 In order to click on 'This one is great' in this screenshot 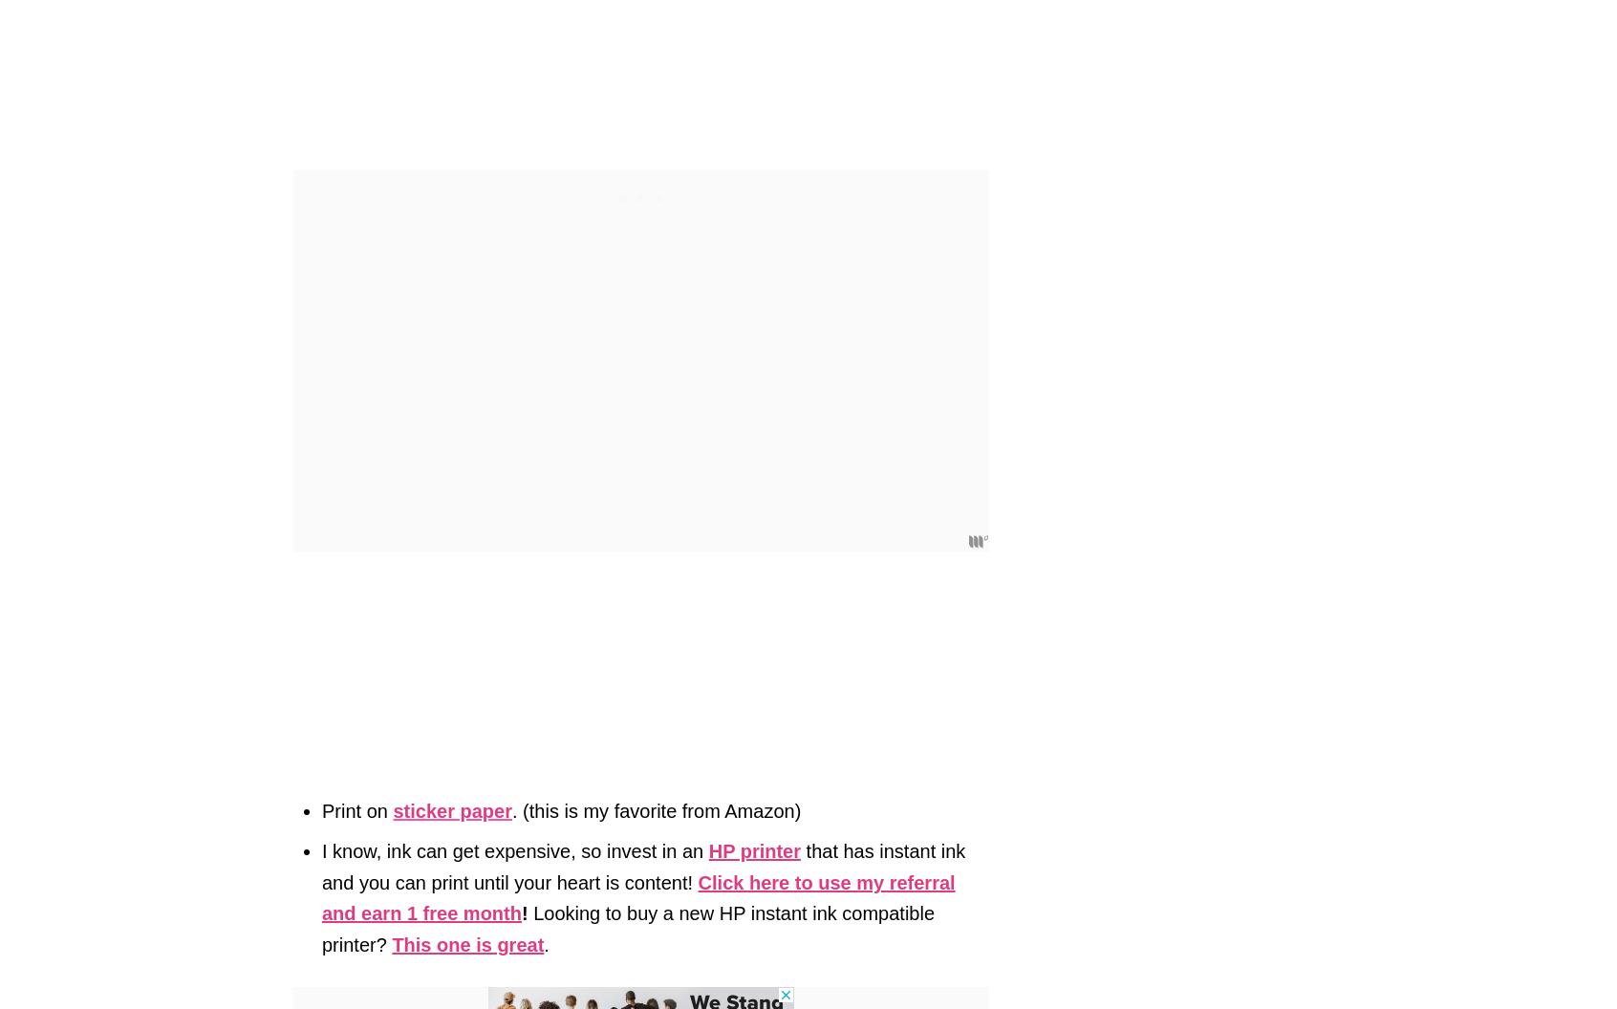, I will do `click(466, 943)`.